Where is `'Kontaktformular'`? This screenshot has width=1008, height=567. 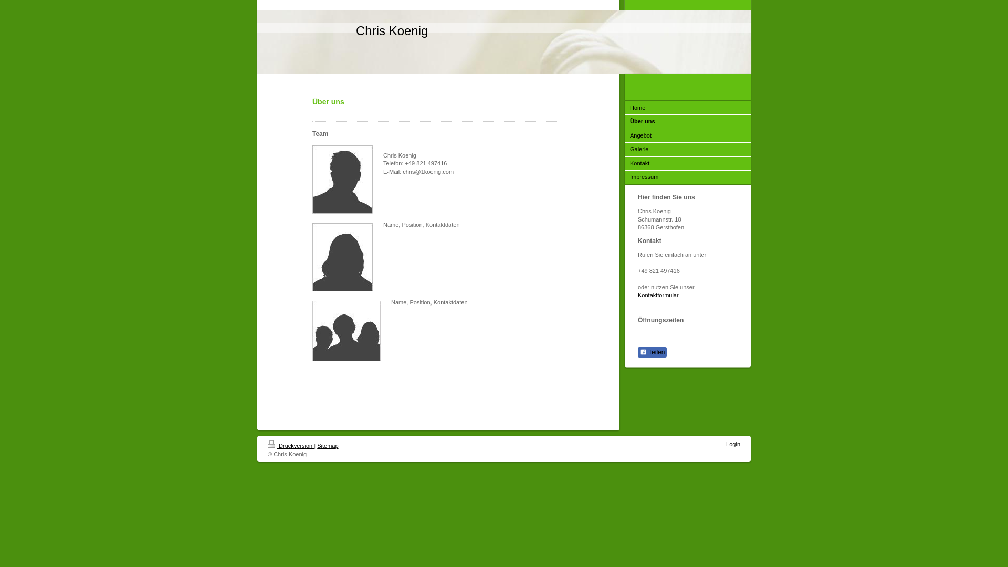
'Kontaktformular' is located at coordinates (657, 295).